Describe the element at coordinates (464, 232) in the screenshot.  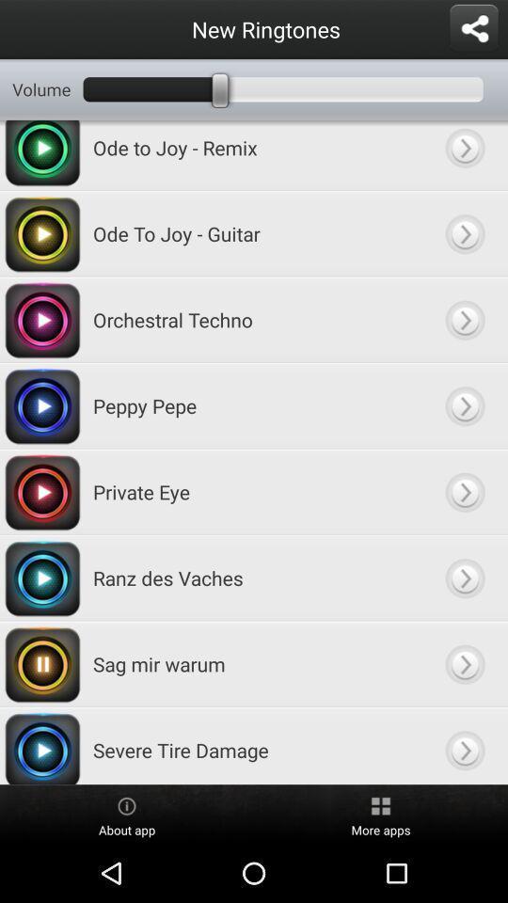
I see `click more options arrow` at that location.